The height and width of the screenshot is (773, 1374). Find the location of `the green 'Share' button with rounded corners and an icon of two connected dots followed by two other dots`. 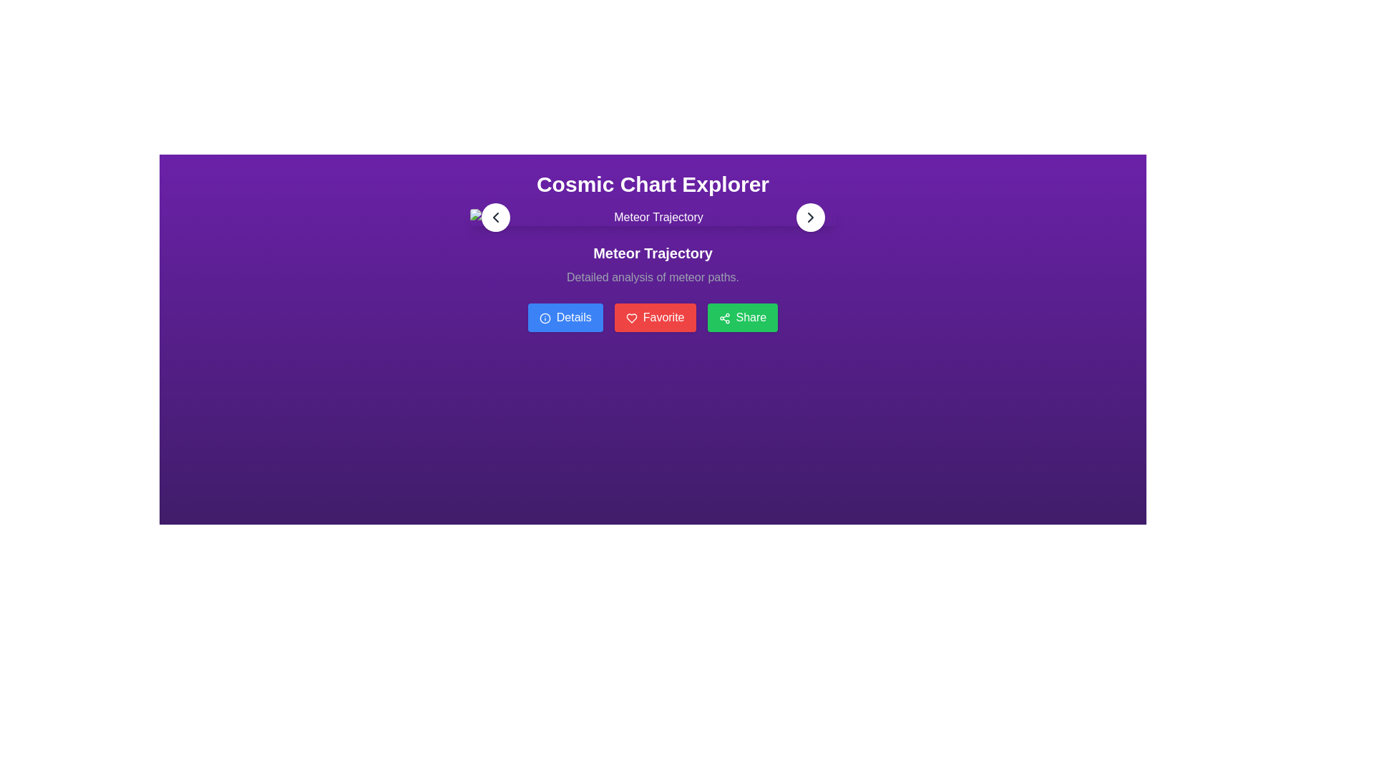

the green 'Share' button with rounded corners and an icon of two connected dots followed by two other dots is located at coordinates (742, 316).